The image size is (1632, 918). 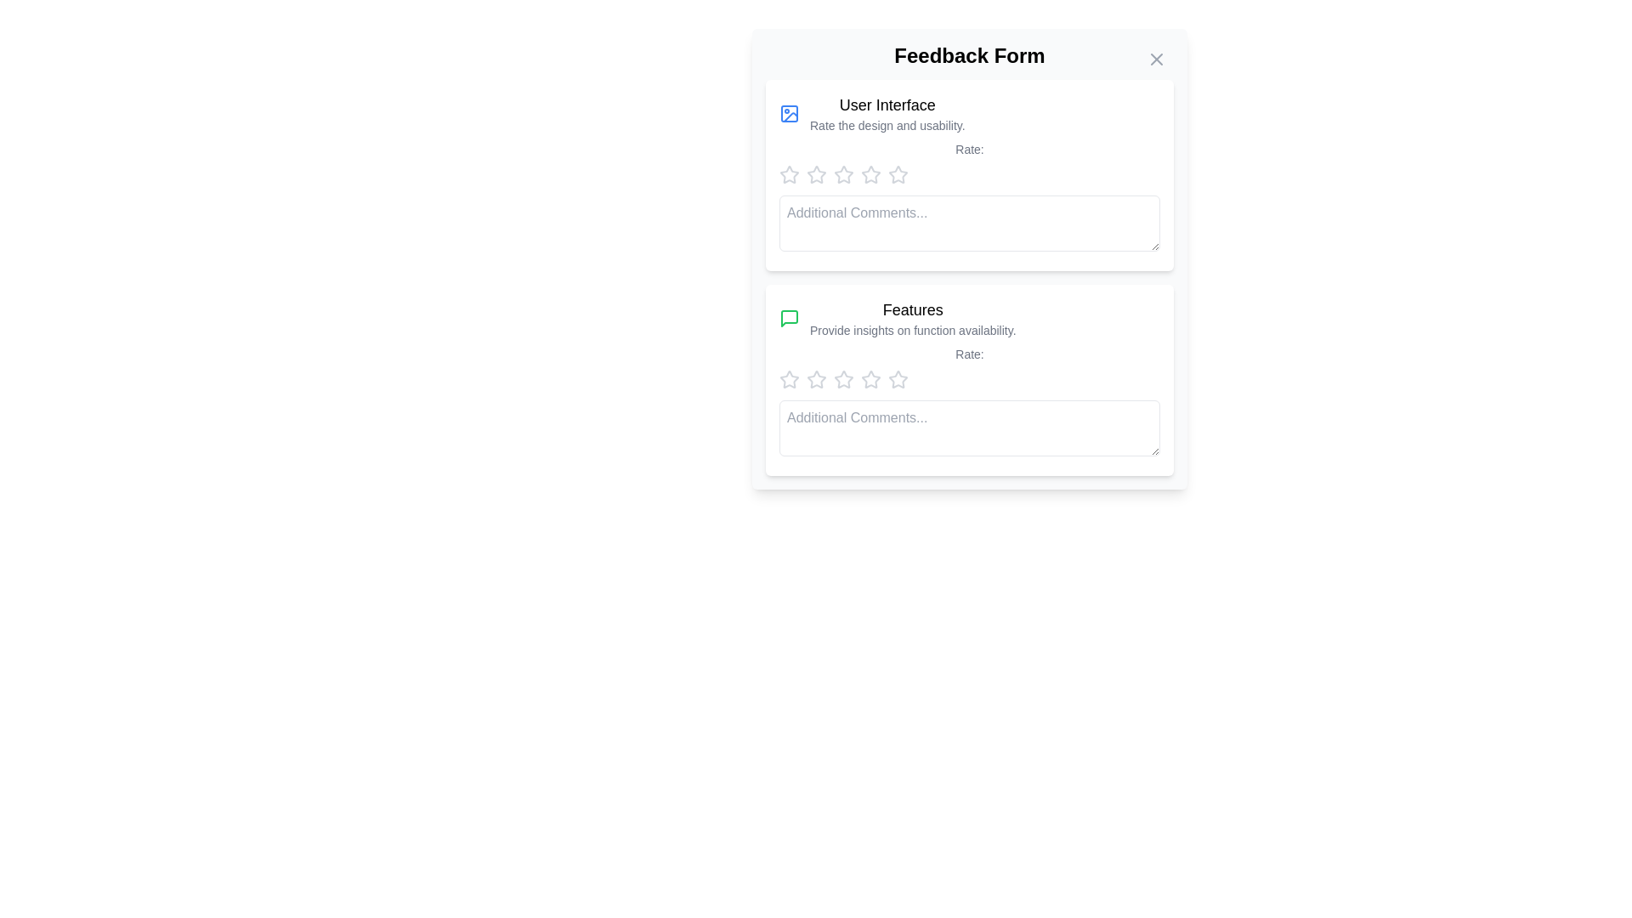 I want to click on the second star icon in the rating component of the feedback form, so click(x=844, y=174).